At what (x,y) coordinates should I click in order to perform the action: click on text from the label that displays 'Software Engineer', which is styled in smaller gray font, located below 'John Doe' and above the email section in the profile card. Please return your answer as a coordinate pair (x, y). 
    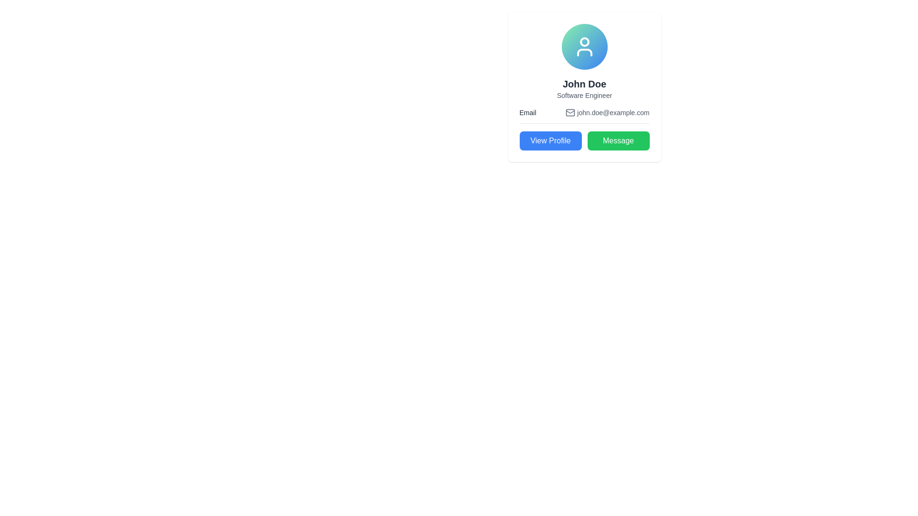
    Looking at the image, I should click on (584, 96).